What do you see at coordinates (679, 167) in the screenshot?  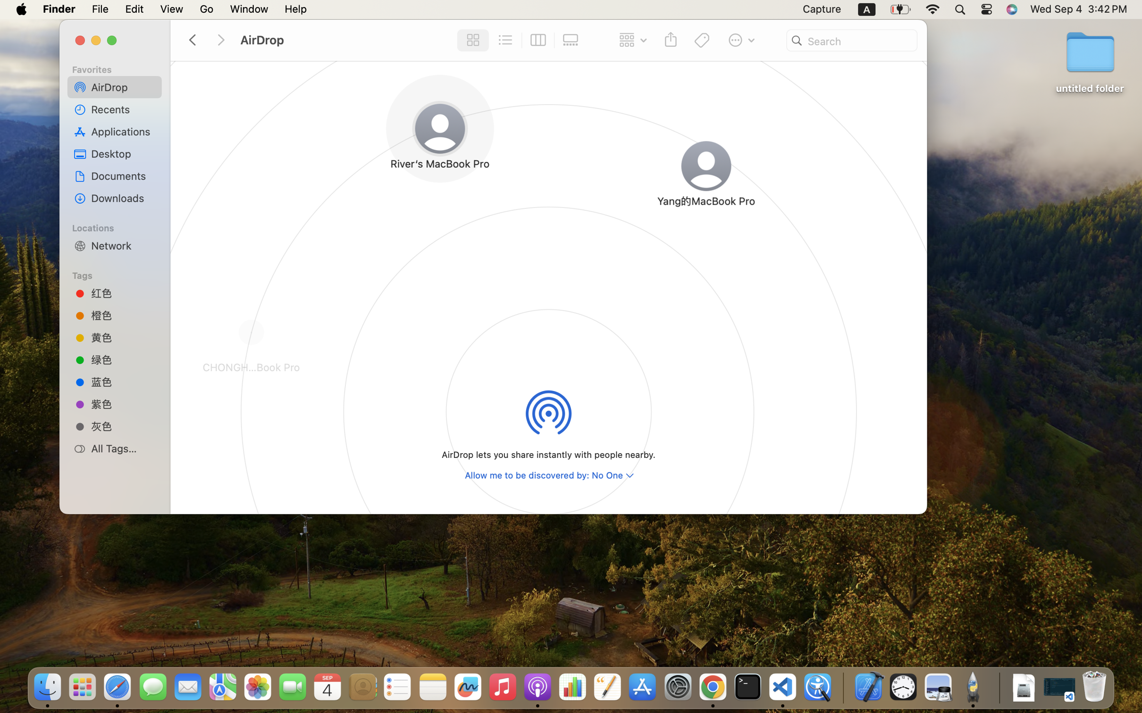 I see `'Yang的MacBook Pro'` at bounding box center [679, 167].